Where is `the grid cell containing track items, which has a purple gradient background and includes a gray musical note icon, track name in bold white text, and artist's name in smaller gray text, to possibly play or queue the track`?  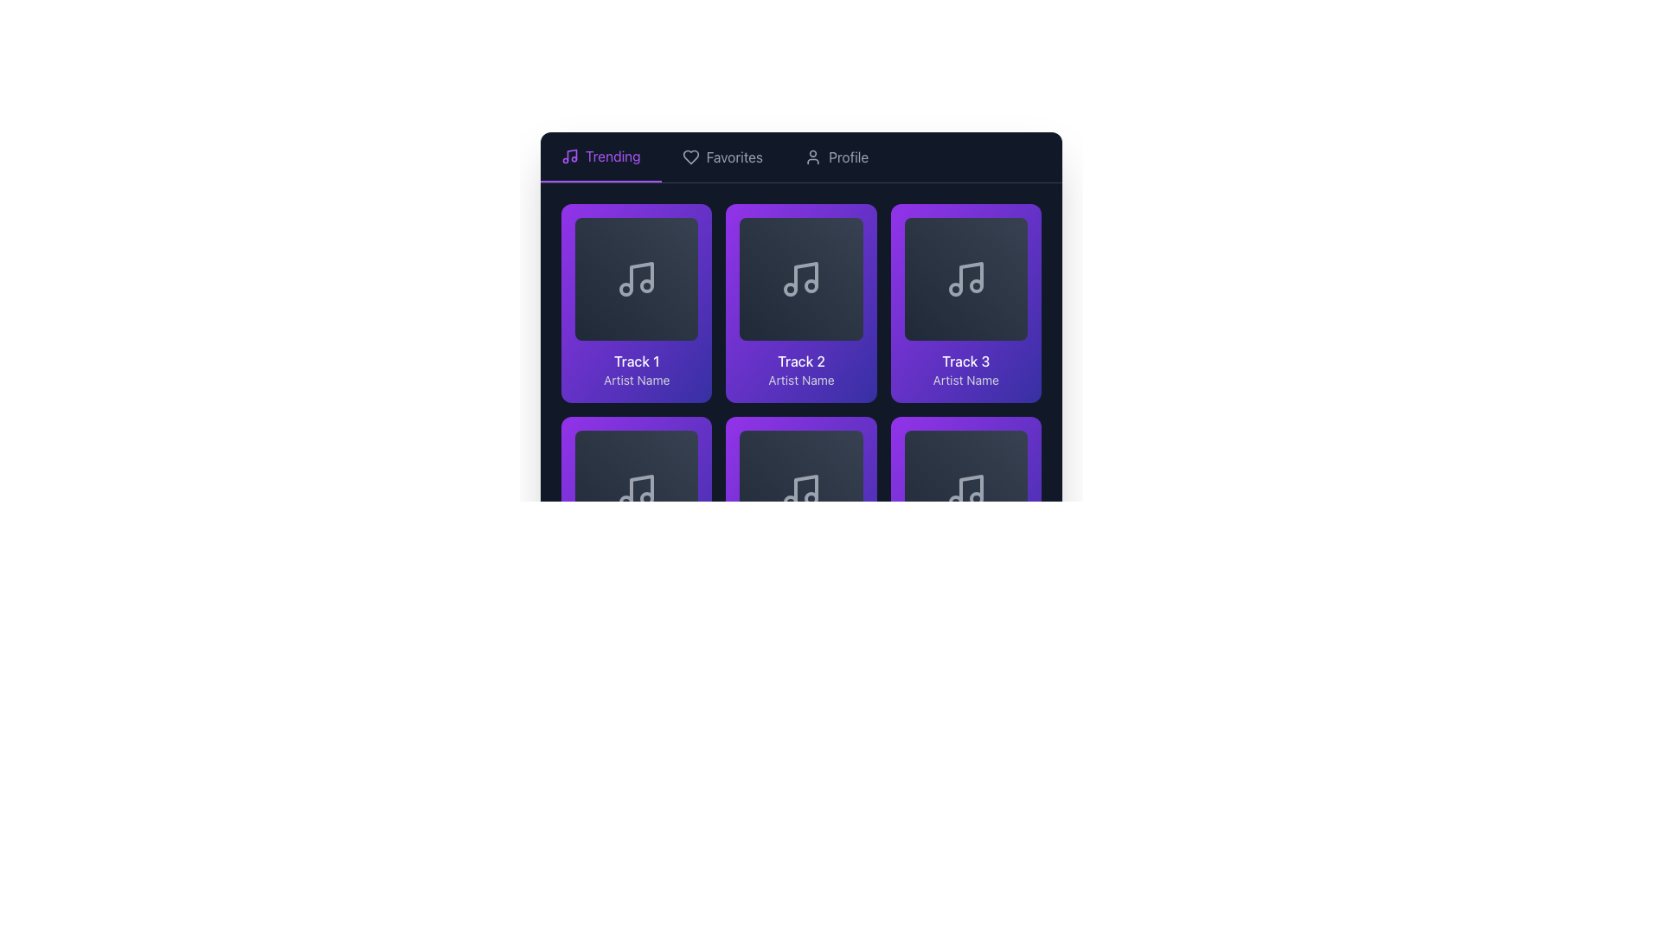
the grid cell containing track items, which has a purple gradient background and includes a gray musical note icon, track name in bold white text, and artist's name in smaller gray text, to possibly play or queue the track is located at coordinates (800, 410).